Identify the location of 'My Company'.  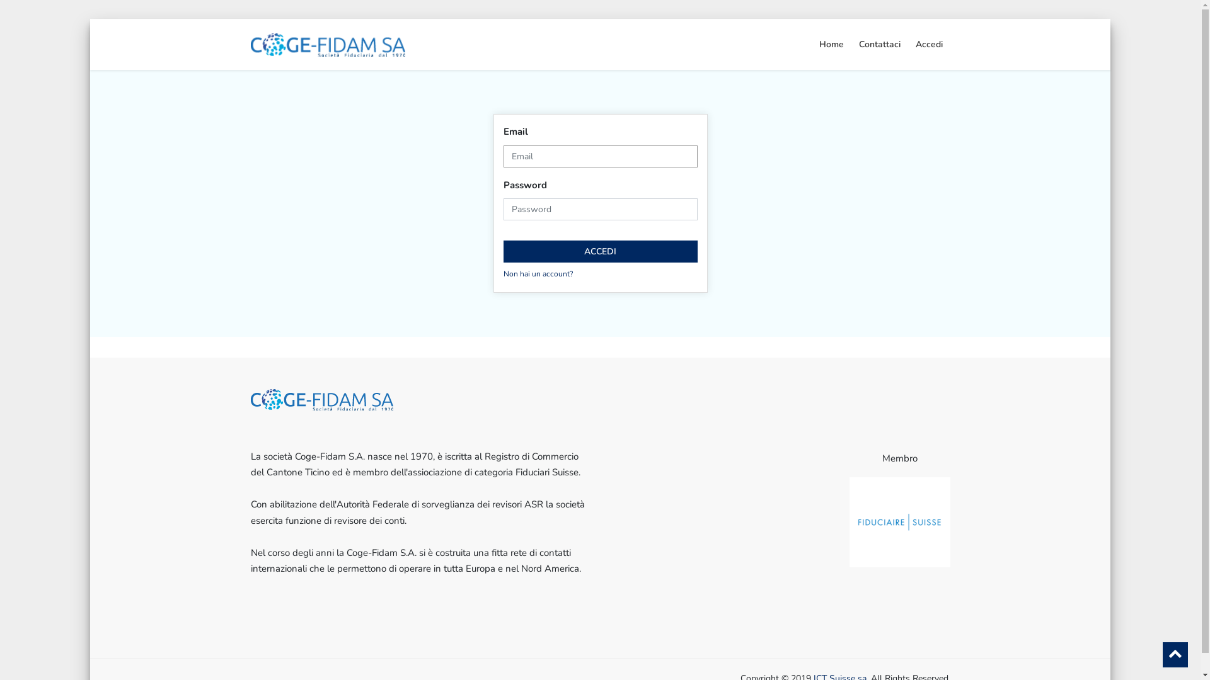
(328, 43).